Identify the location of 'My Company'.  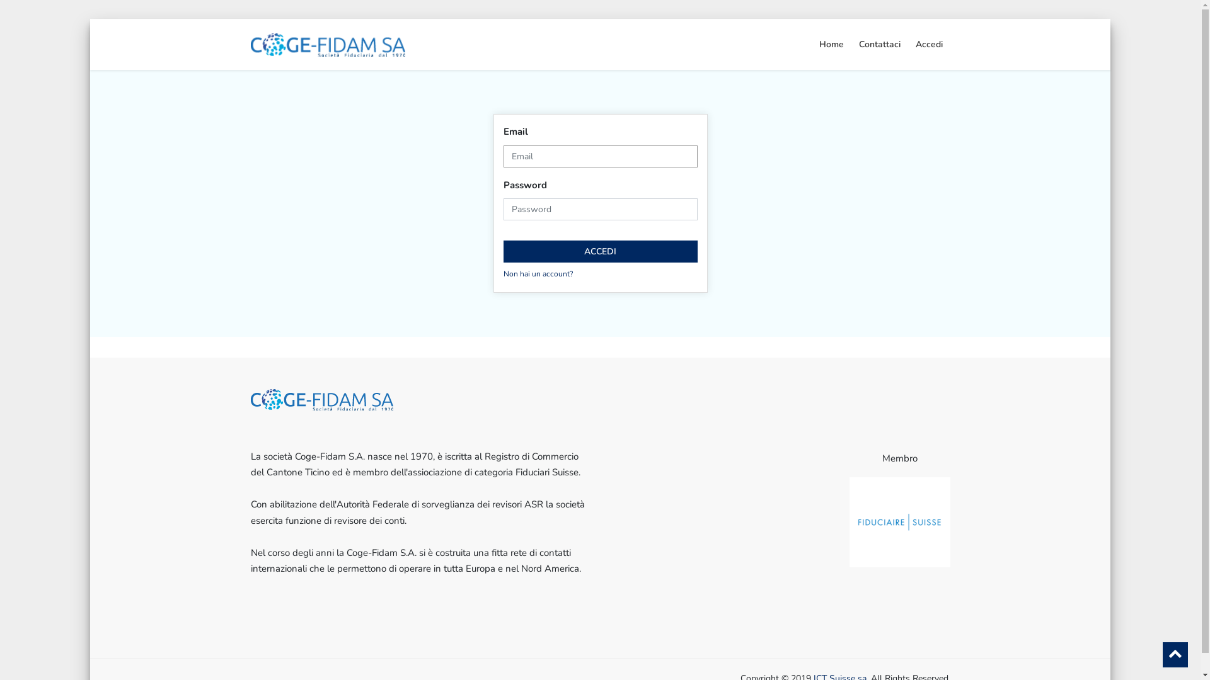
(328, 43).